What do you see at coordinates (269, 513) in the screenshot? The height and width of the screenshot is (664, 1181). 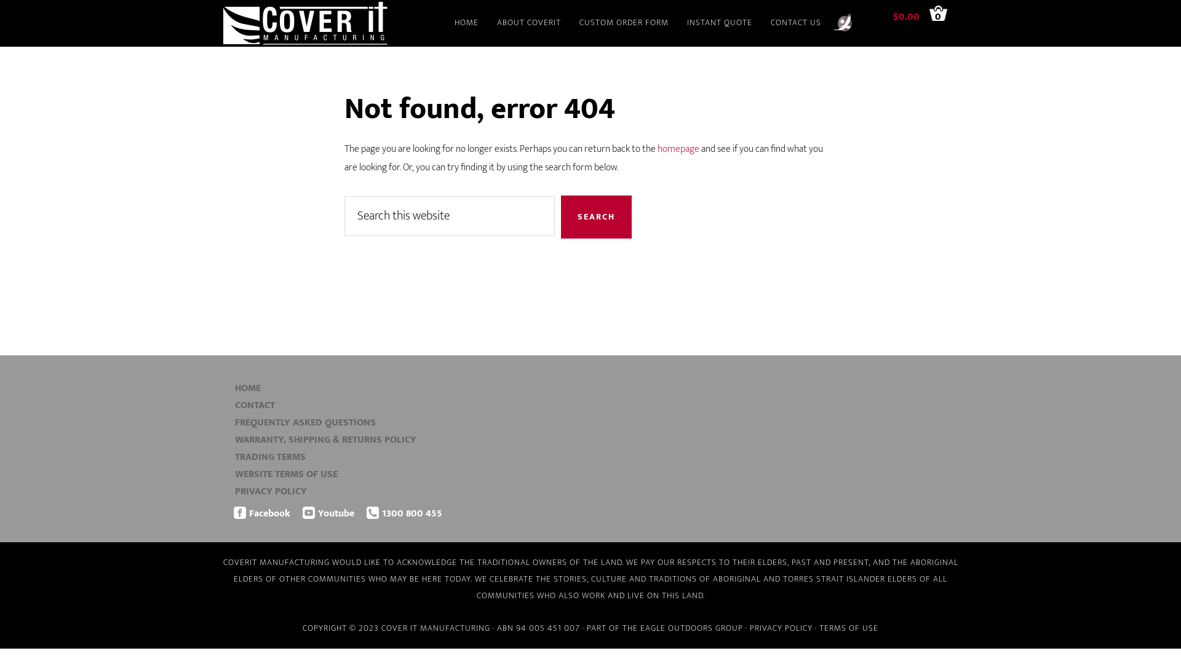 I see `'Facebook'` at bounding box center [269, 513].